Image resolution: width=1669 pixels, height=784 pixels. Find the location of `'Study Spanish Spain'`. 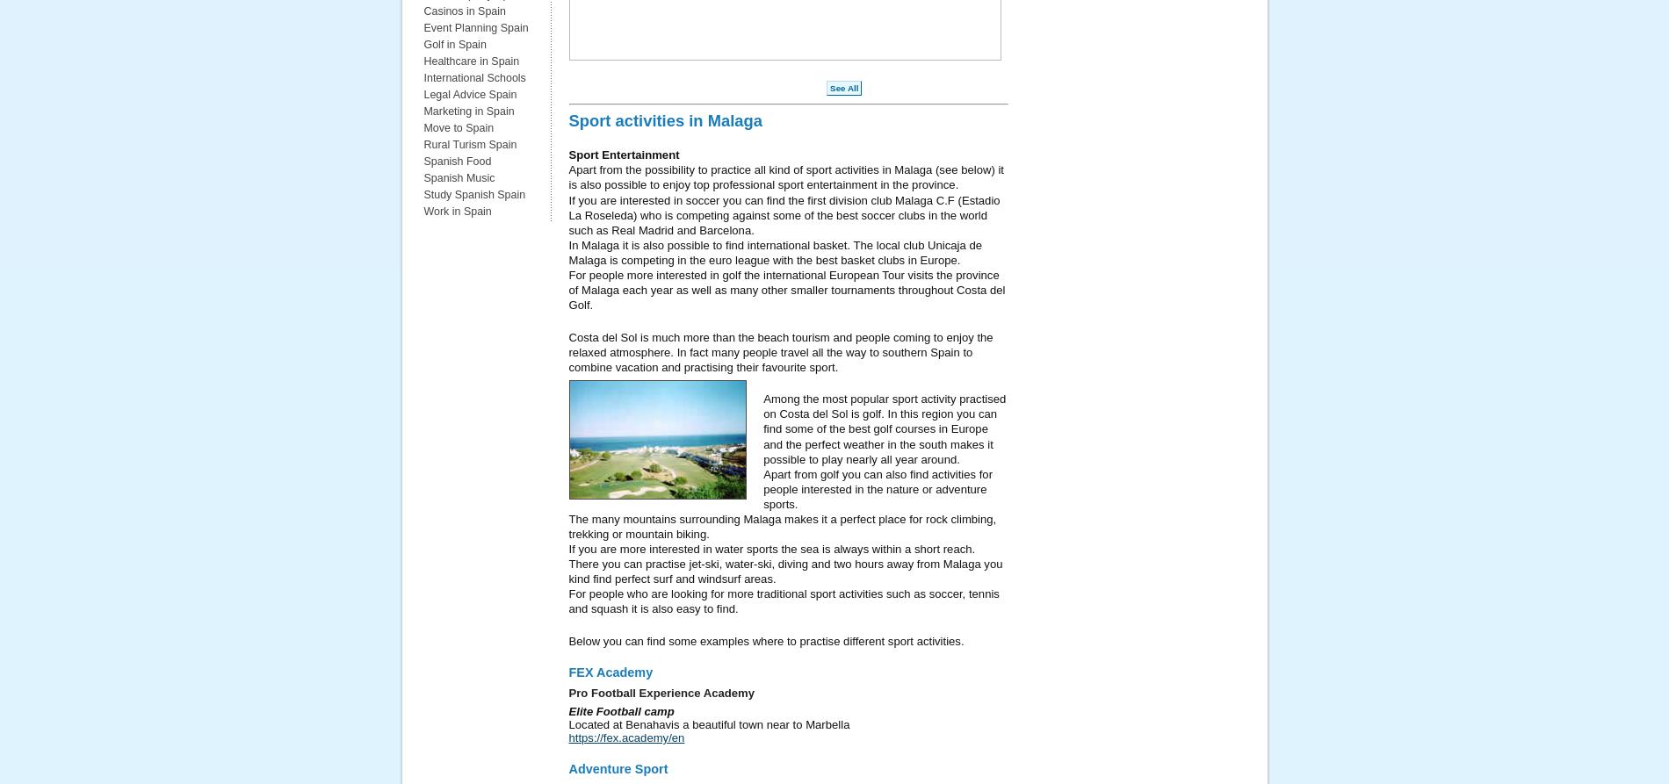

'Study Spanish Spain' is located at coordinates (423, 193).